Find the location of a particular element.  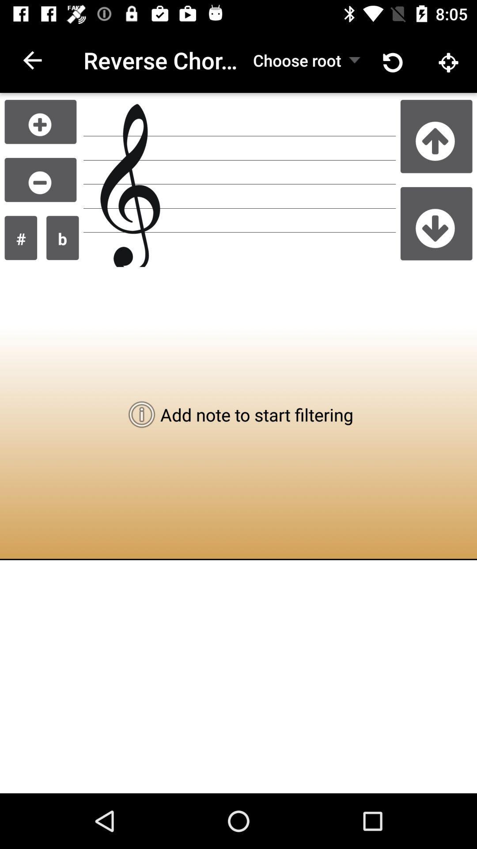

up arrow is located at coordinates (436, 136).